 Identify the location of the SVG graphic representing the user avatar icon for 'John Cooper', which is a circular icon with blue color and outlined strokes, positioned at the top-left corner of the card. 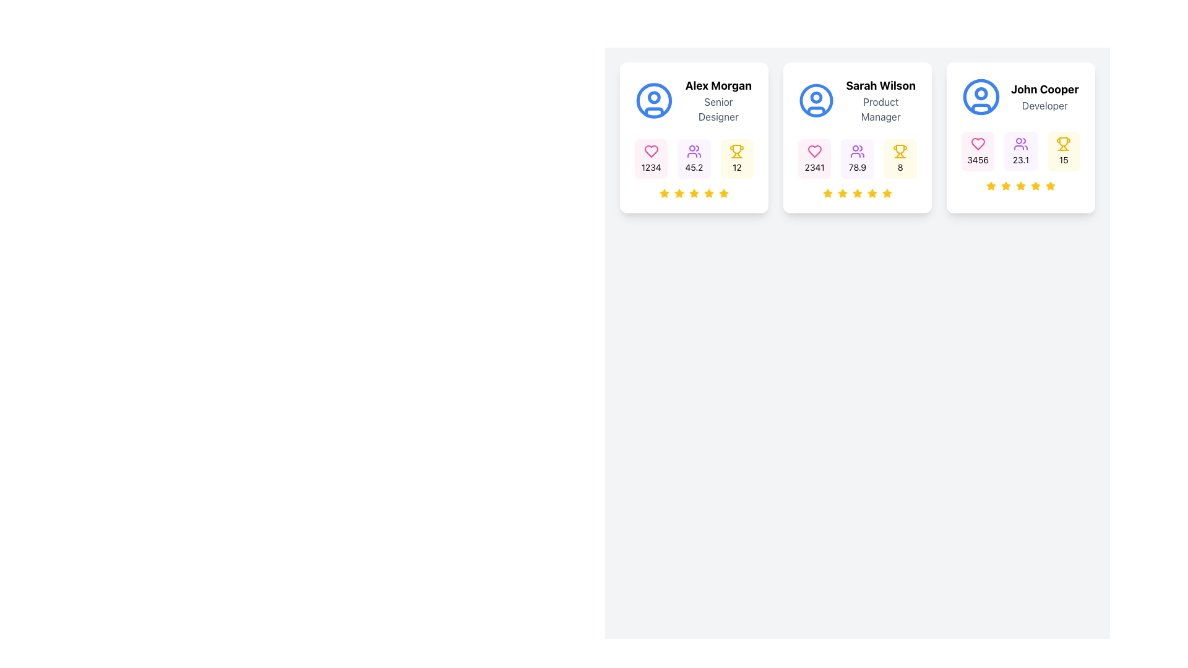
(980, 96).